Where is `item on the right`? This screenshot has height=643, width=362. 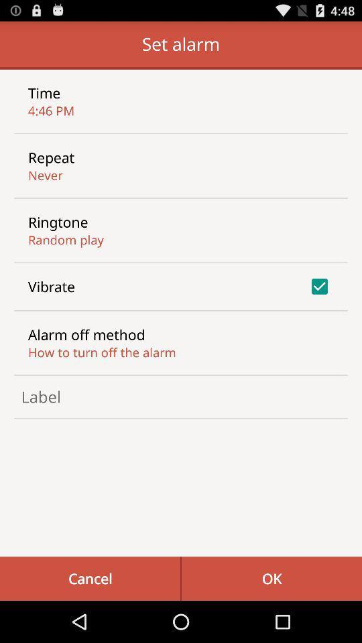
item on the right is located at coordinates (318, 286).